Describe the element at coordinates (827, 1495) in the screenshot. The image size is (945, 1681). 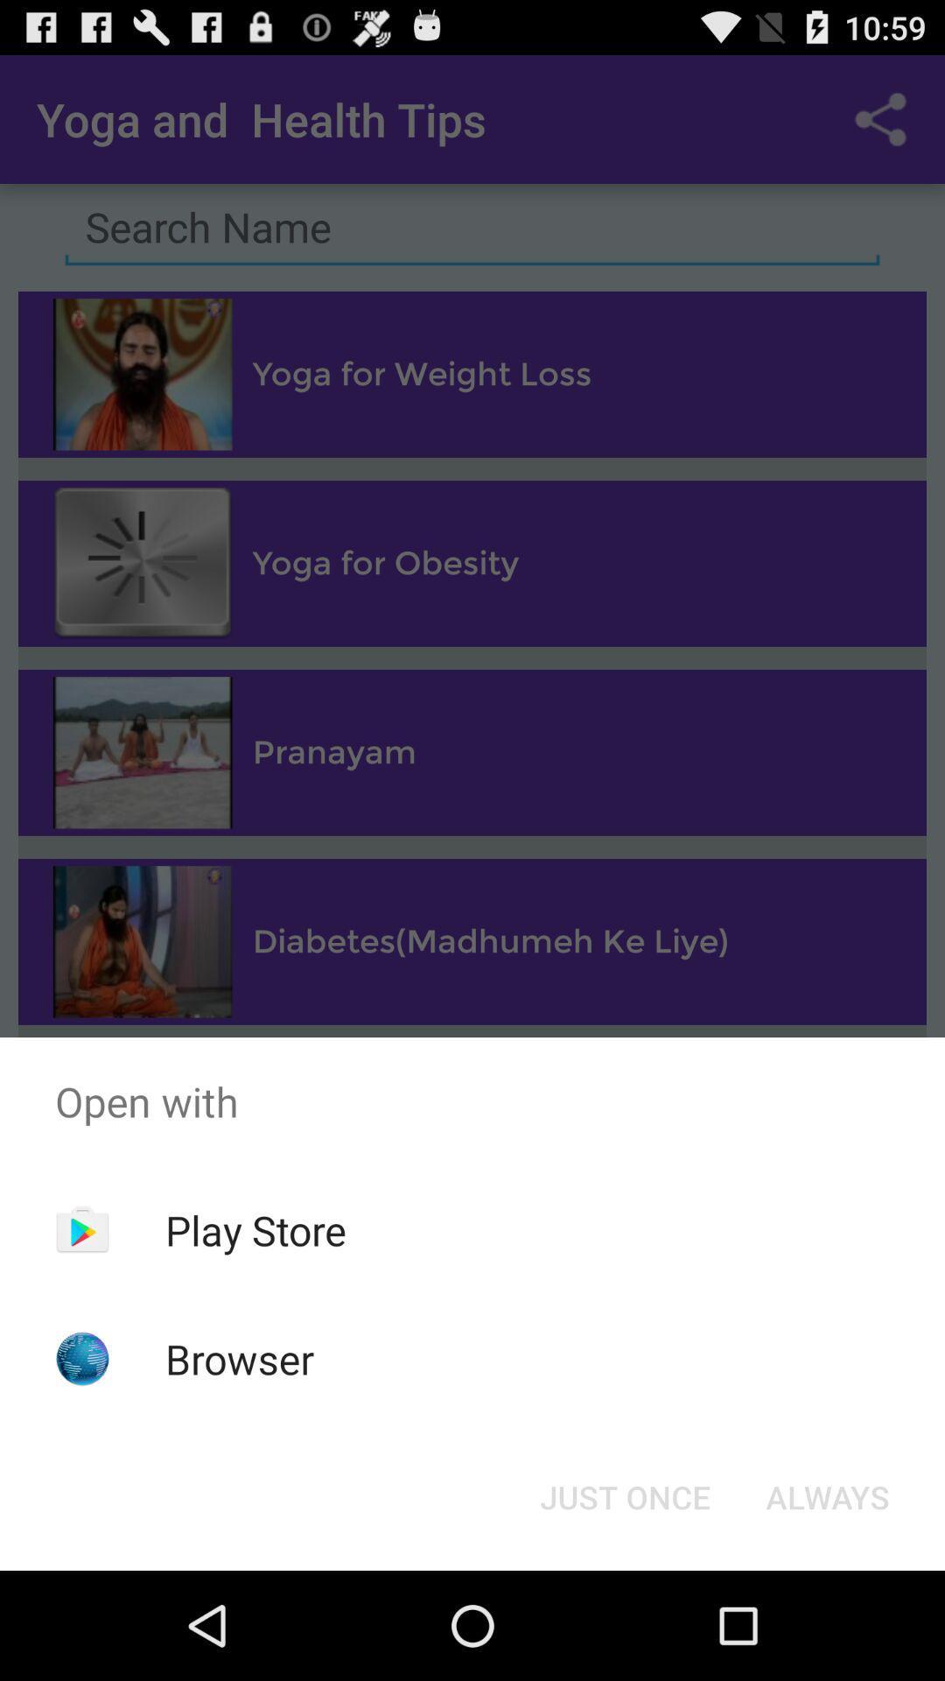
I see `always` at that location.